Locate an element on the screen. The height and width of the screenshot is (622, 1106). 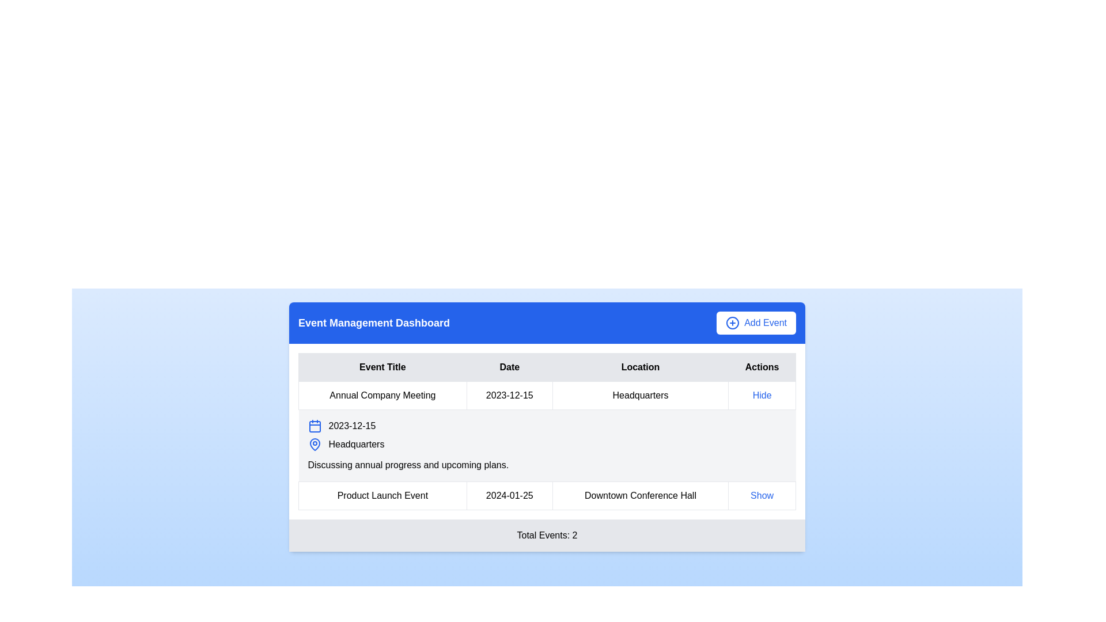
the 'Date' field of the second row in the event management table displaying the 'Annual Company Meeting' details is located at coordinates (547, 431).